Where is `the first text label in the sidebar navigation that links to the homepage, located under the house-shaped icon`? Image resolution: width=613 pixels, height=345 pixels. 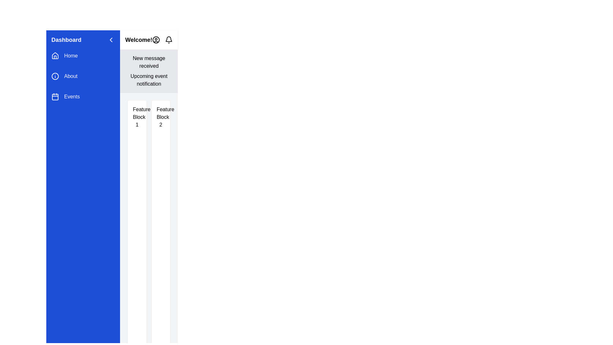
the first text label in the sidebar navigation that links to the homepage, located under the house-shaped icon is located at coordinates (71, 55).